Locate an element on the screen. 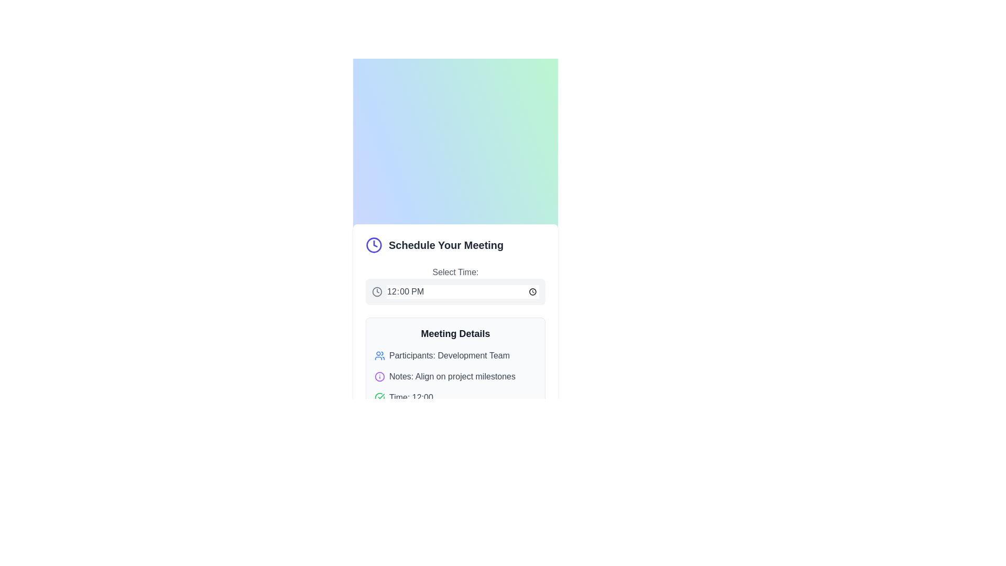 This screenshot has height=566, width=1006. the circular graphic element of the clock icon, which represents the concept of time within the scheduling functionality, located to the left of the 'Schedule Your Meeting' header is located at coordinates (374, 245).